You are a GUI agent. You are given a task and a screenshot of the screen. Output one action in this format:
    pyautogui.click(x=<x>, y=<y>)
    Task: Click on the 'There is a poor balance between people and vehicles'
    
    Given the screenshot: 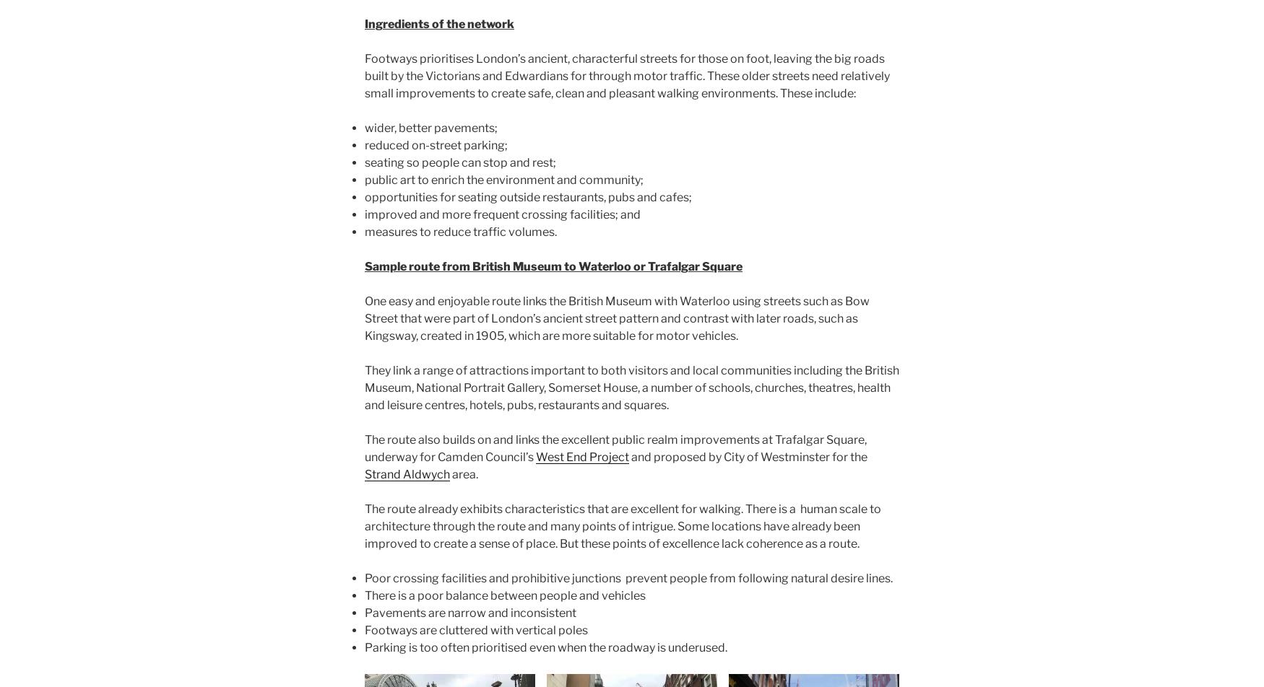 What is the action you would take?
    pyautogui.click(x=505, y=595)
    